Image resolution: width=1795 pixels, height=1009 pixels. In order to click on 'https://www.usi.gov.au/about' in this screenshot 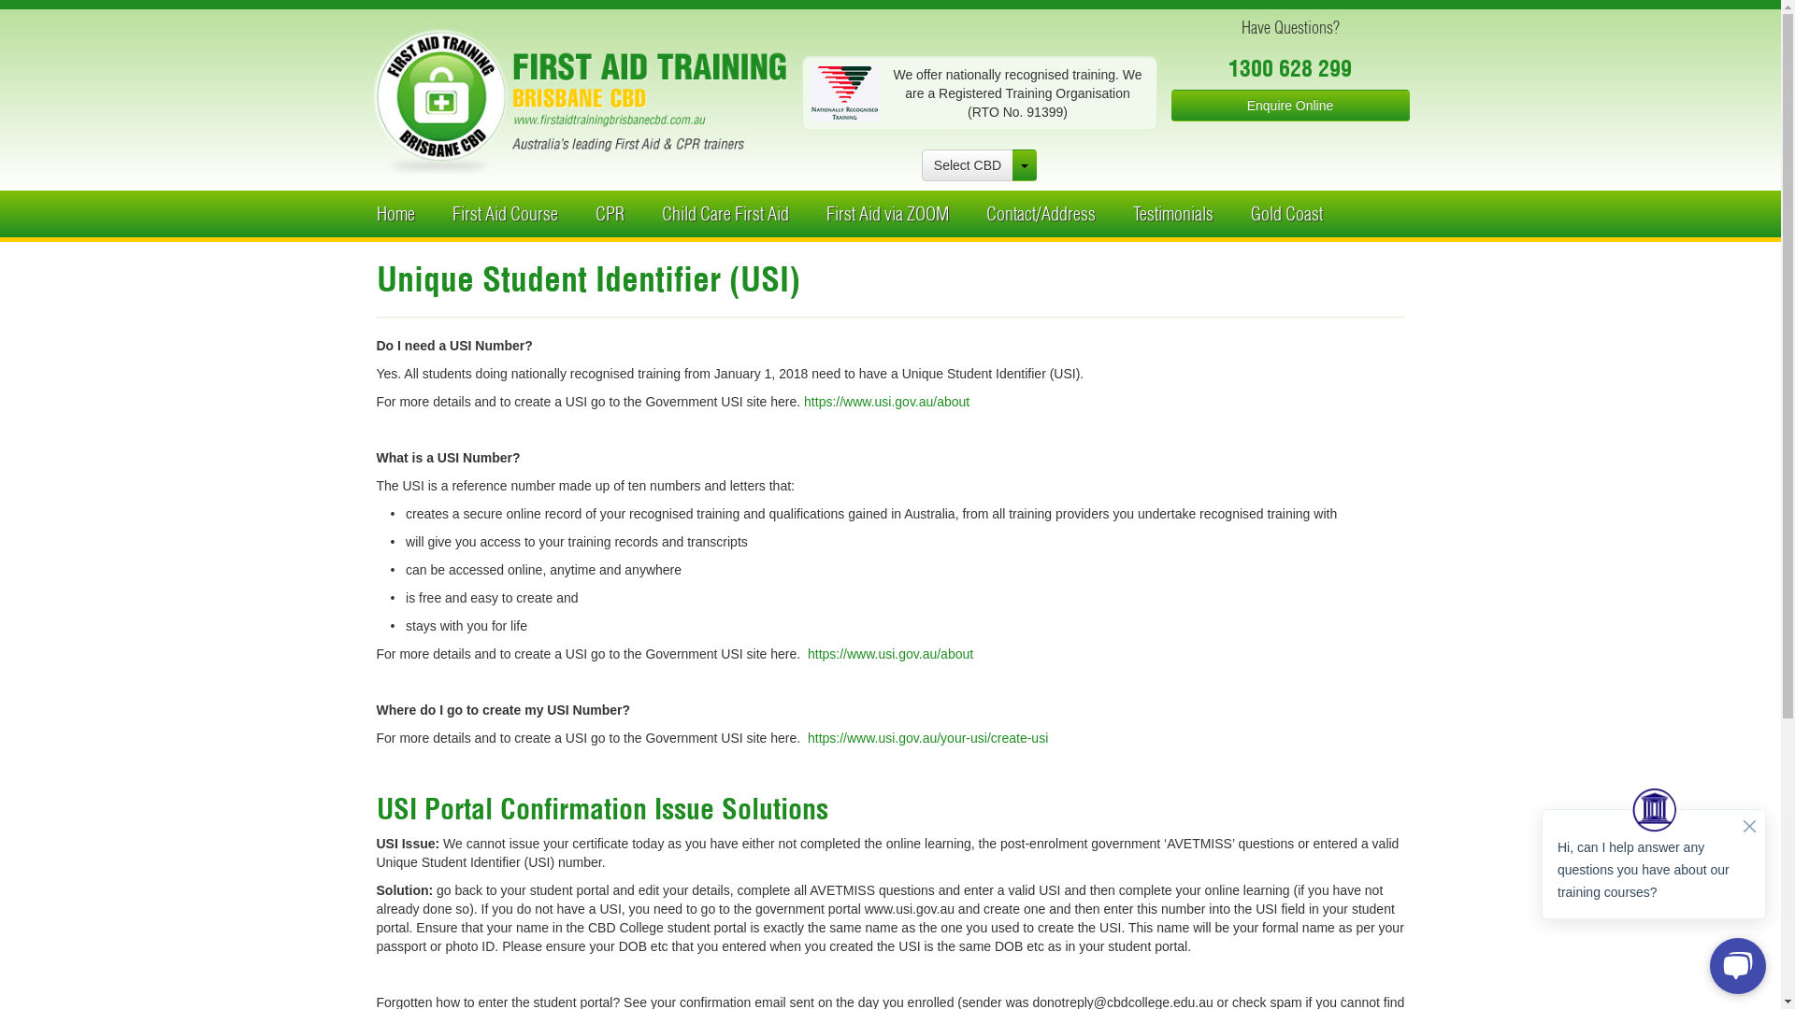, I will do `click(885, 400)`.